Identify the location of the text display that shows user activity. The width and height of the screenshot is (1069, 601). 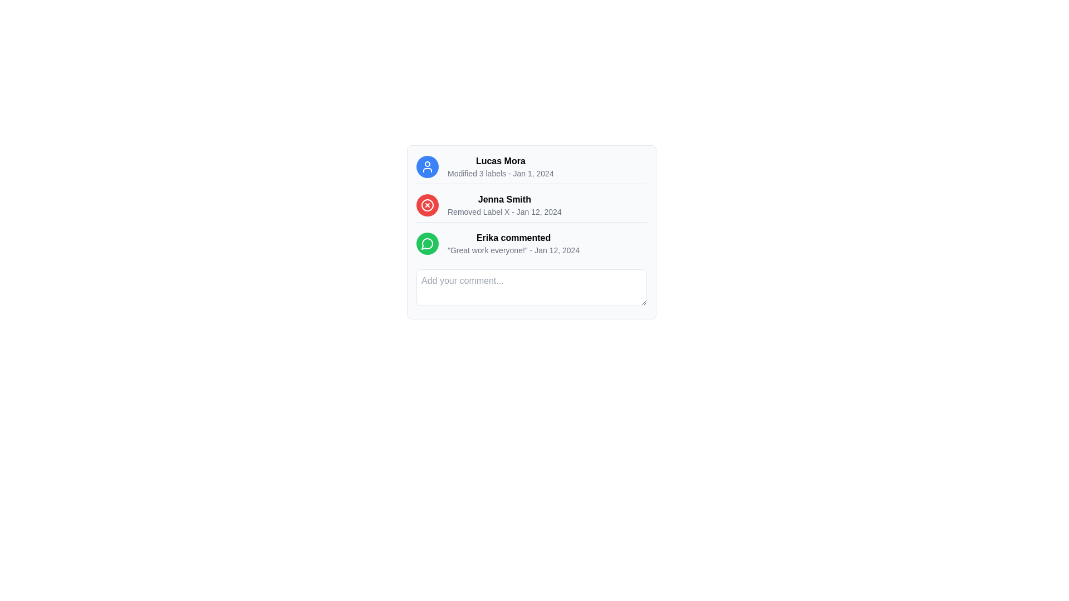
(499, 167).